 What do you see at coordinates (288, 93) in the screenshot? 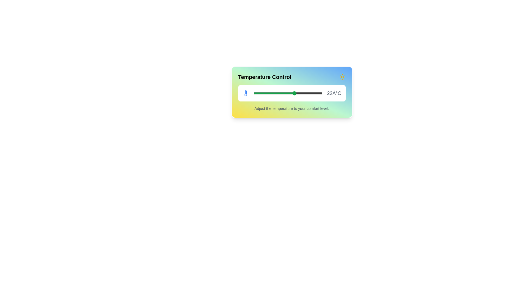
I see `temperature` at bounding box center [288, 93].